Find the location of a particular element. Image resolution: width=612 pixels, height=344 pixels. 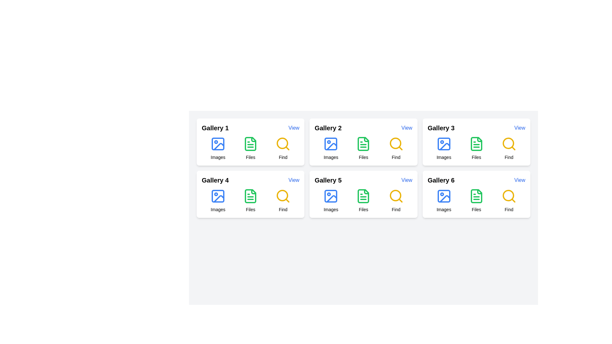

the bold, large-sized text label displaying 'Gallery 4' which is styled as a heading in black font color, located in the top-left section of its card layout is located at coordinates (215, 180).